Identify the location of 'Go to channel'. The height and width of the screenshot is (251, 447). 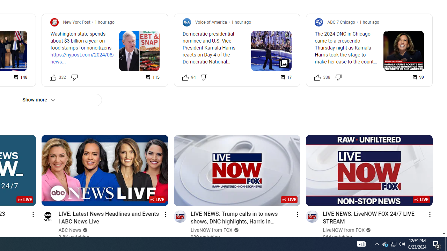
(312, 216).